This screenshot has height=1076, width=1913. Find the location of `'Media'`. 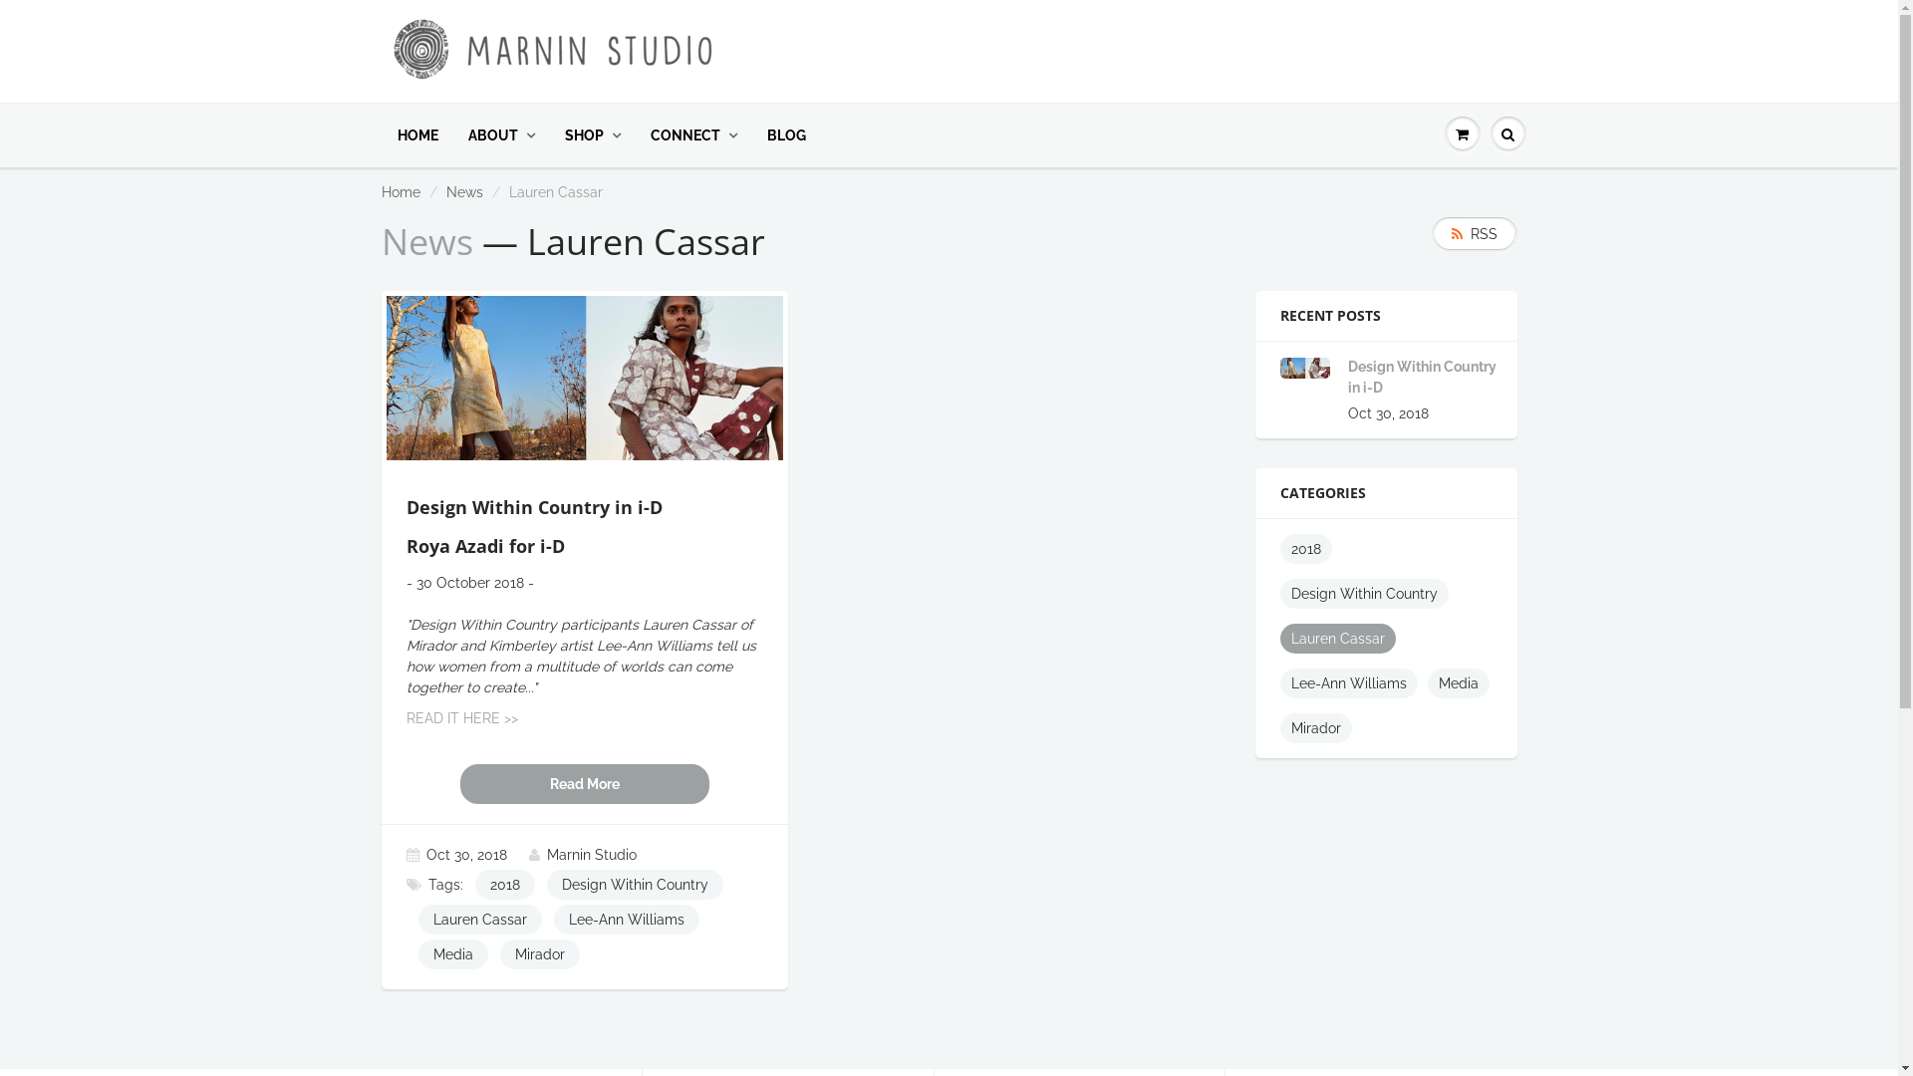

'Media' is located at coordinates (452, 952).